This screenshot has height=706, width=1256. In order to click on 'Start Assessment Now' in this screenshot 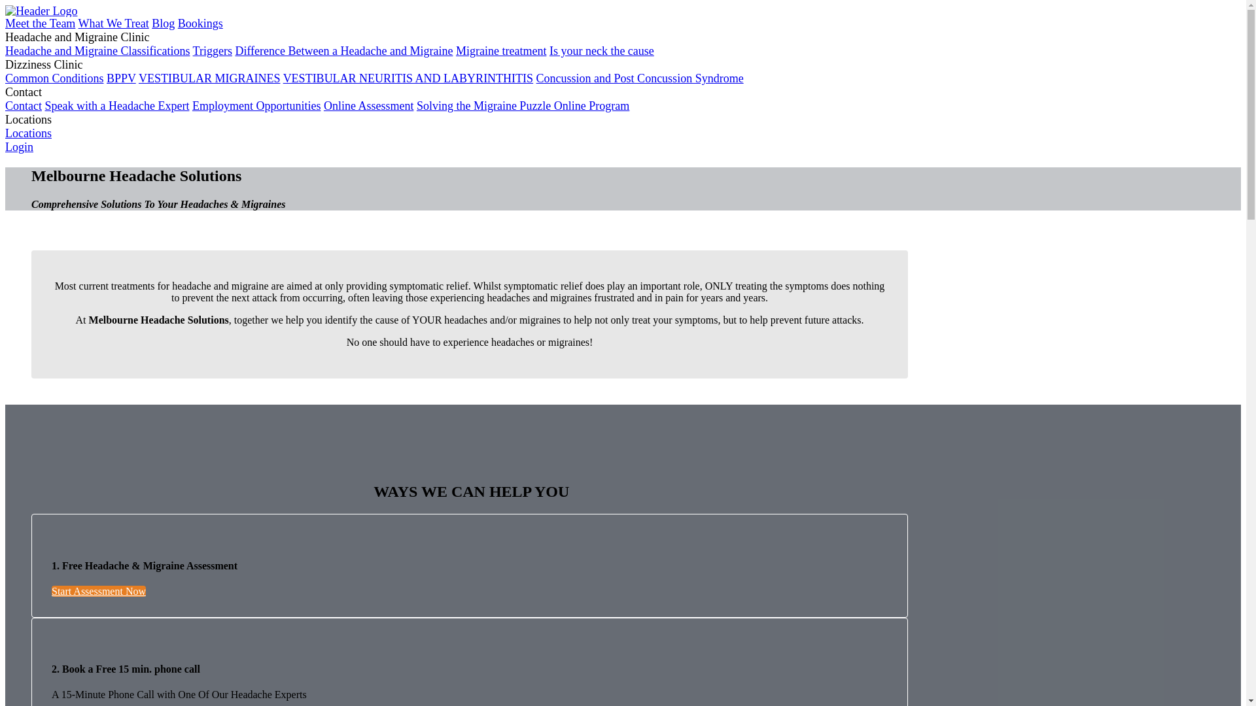, I will do `click(97, 591)`.